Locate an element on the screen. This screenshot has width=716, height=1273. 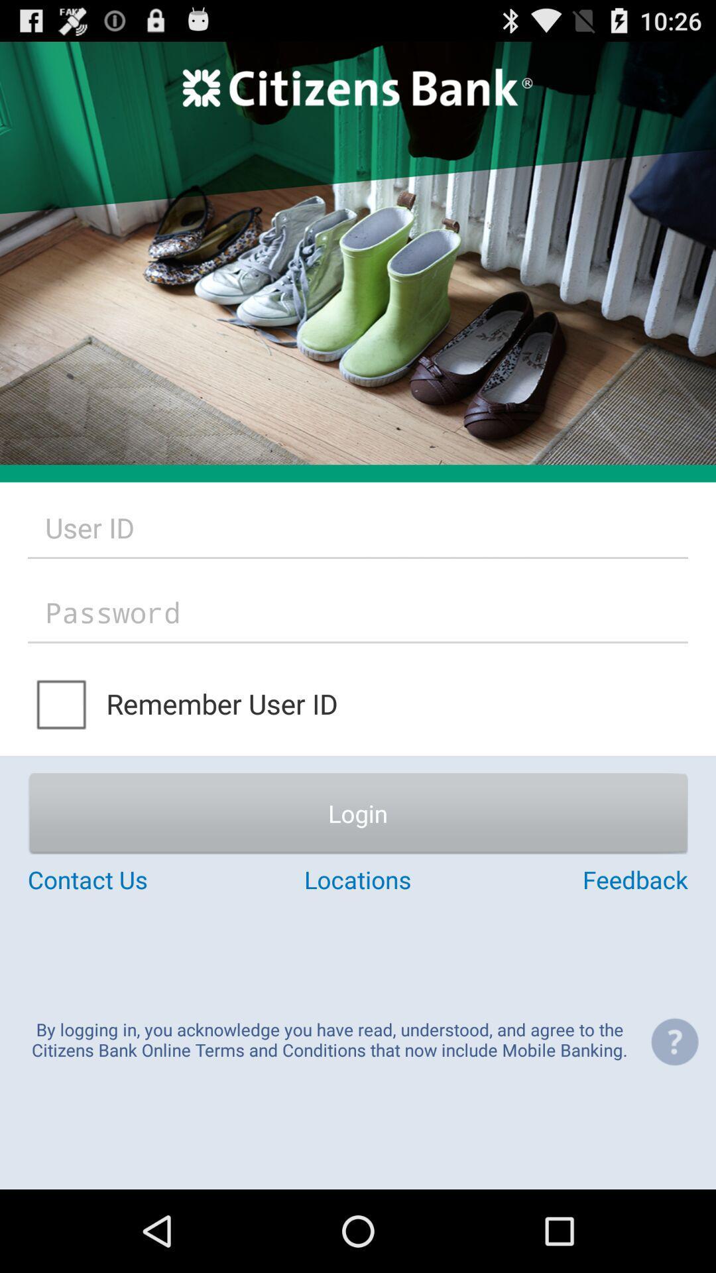
contact us app is located at coordinates (137, 879).